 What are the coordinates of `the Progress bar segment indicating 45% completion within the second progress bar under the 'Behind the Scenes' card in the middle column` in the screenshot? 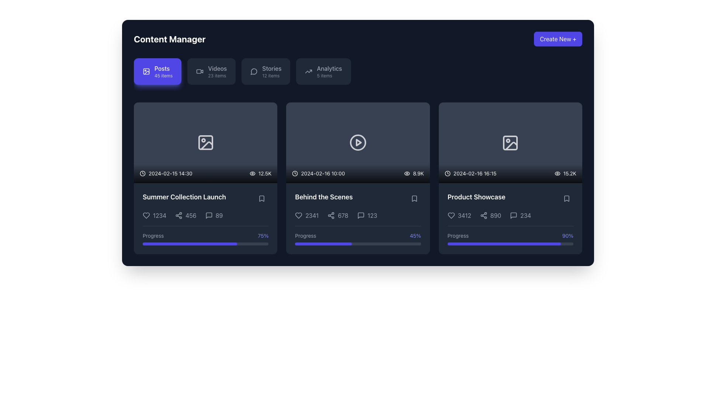 It's located at (323, 244).